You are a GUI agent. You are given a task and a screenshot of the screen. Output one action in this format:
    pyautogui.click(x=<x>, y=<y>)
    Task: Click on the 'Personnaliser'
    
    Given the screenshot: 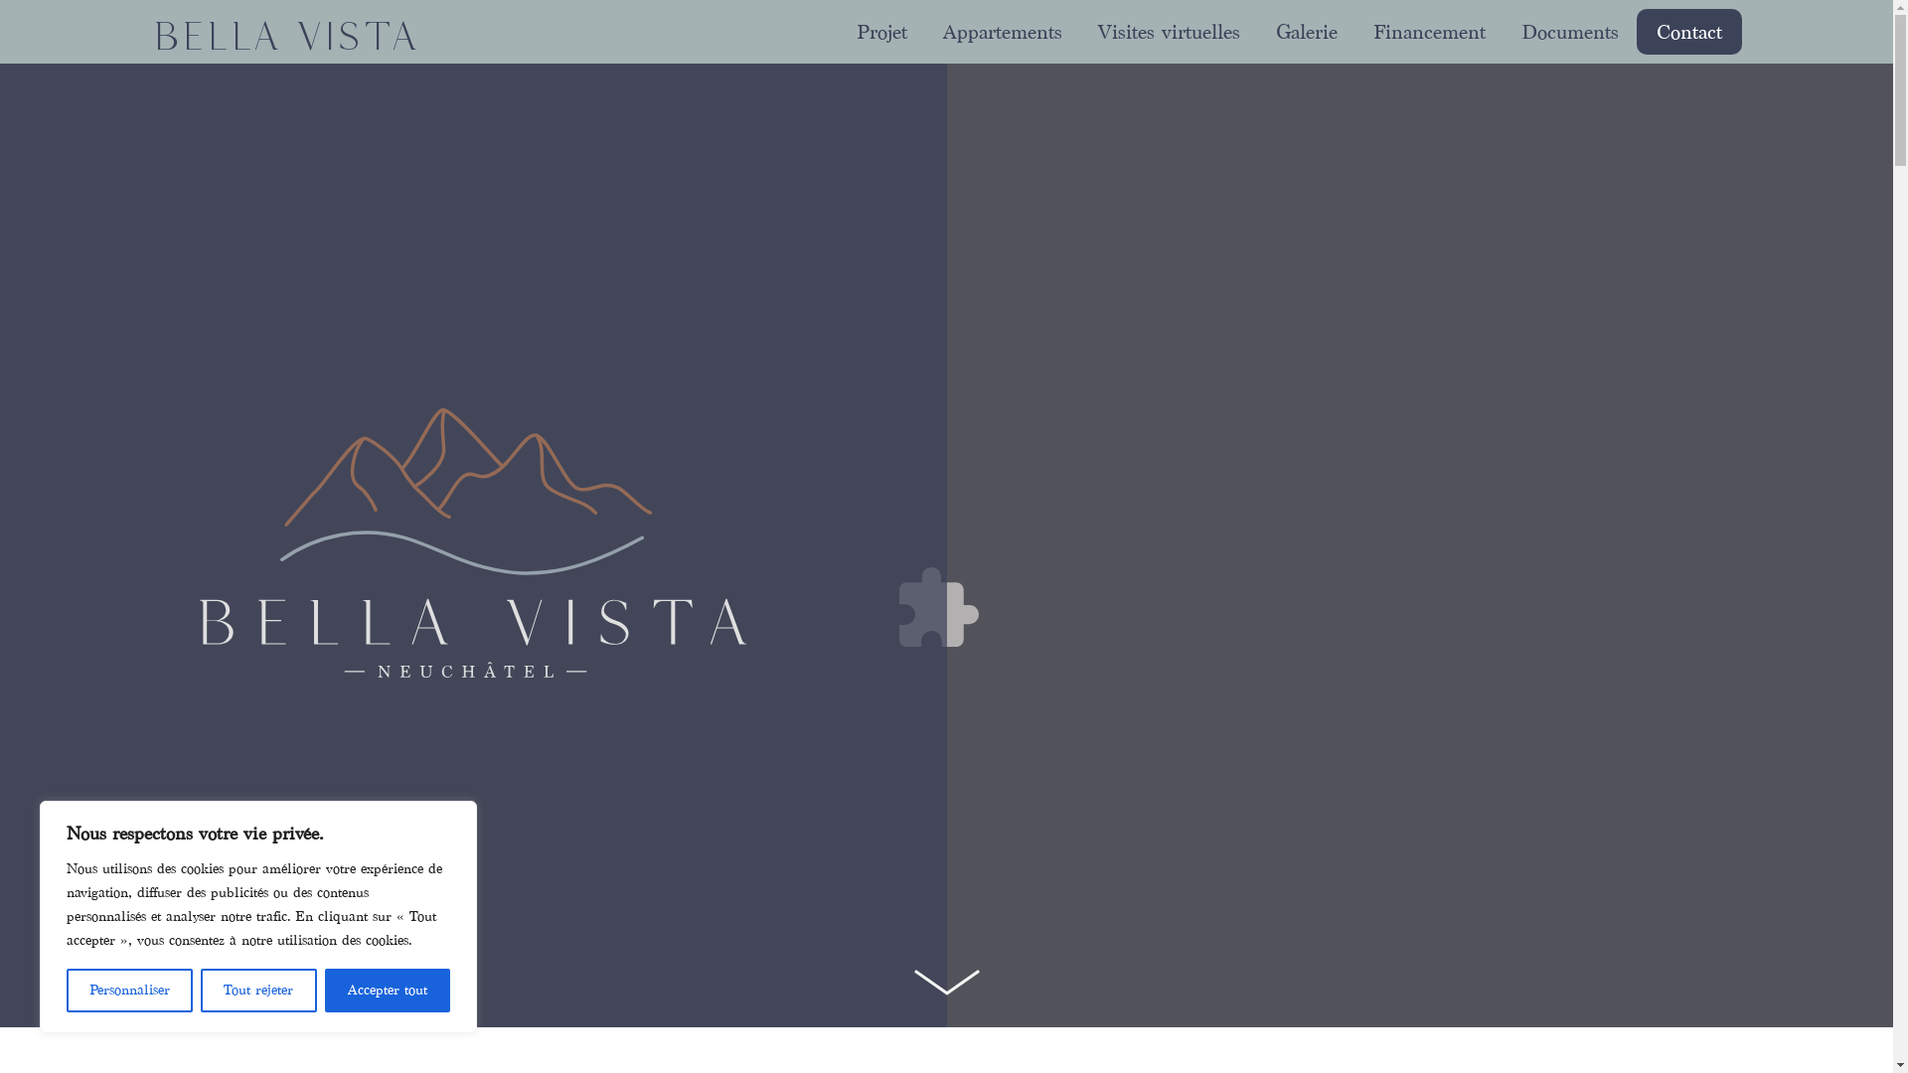 What is the action you would take?
    pyautogui.click(x=128, y=990)
    